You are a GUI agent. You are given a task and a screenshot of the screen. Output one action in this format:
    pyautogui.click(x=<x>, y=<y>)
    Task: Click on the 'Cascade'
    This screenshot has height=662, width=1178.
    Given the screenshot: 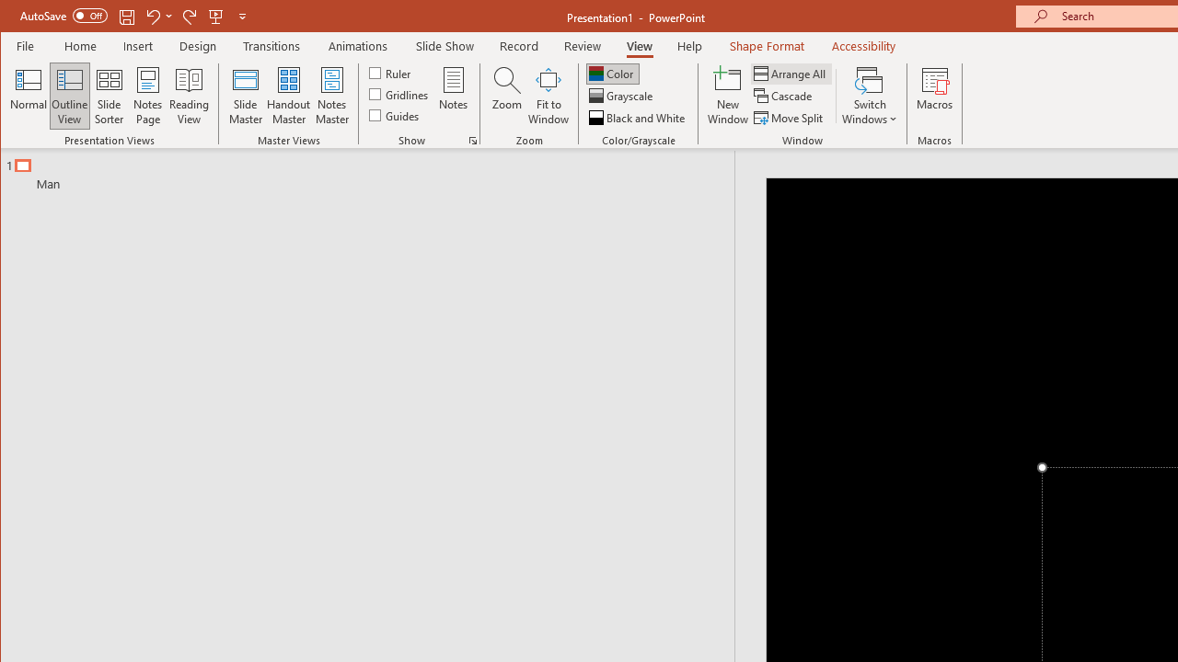 What is the action you would take?
    pyautogui.click(x=785, y=96)
    